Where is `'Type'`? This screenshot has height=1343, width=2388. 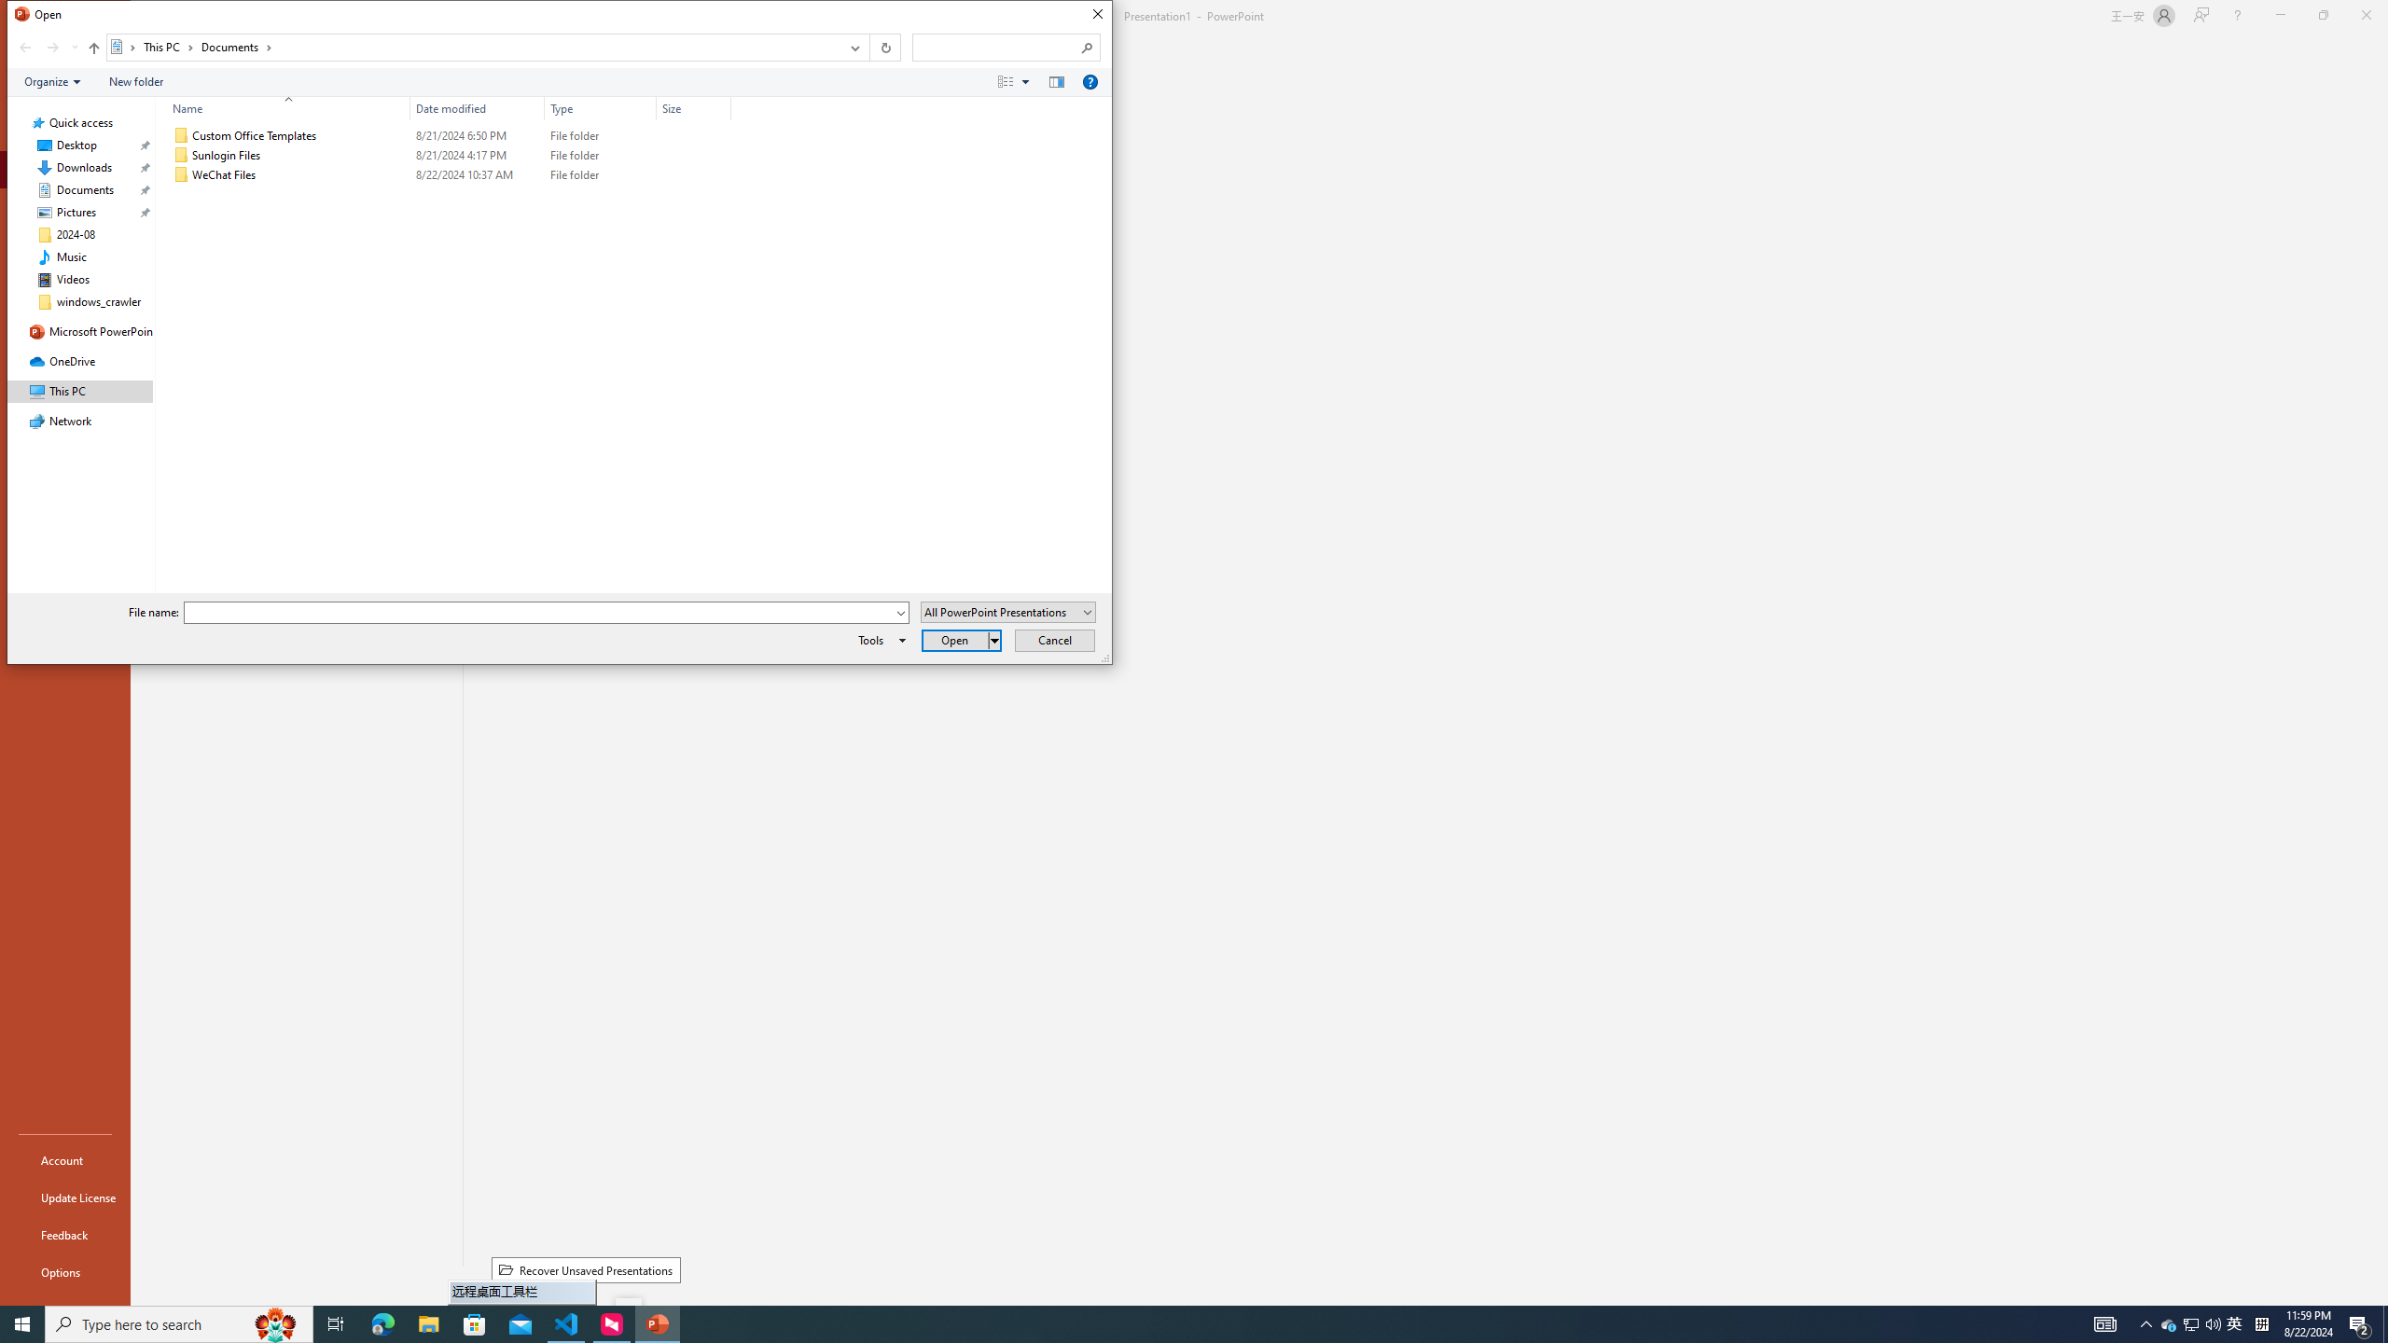 'Type' is located at coordinates (600, 107).